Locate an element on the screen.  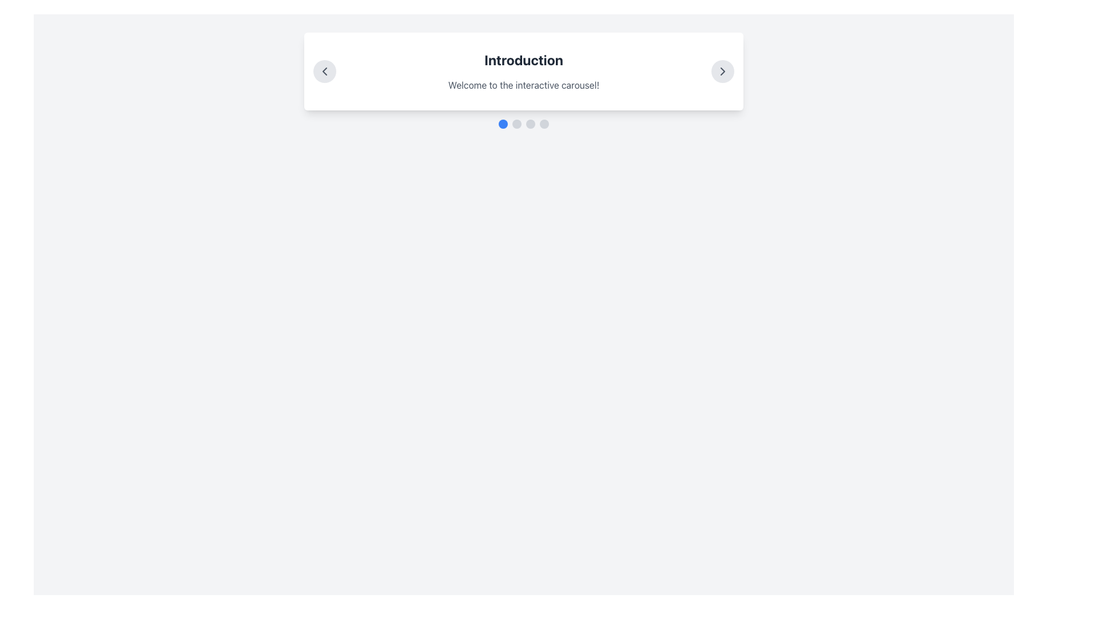
the second navigation dot, which is a small circular indicator with a gray background is located at coordinates (516, 124).